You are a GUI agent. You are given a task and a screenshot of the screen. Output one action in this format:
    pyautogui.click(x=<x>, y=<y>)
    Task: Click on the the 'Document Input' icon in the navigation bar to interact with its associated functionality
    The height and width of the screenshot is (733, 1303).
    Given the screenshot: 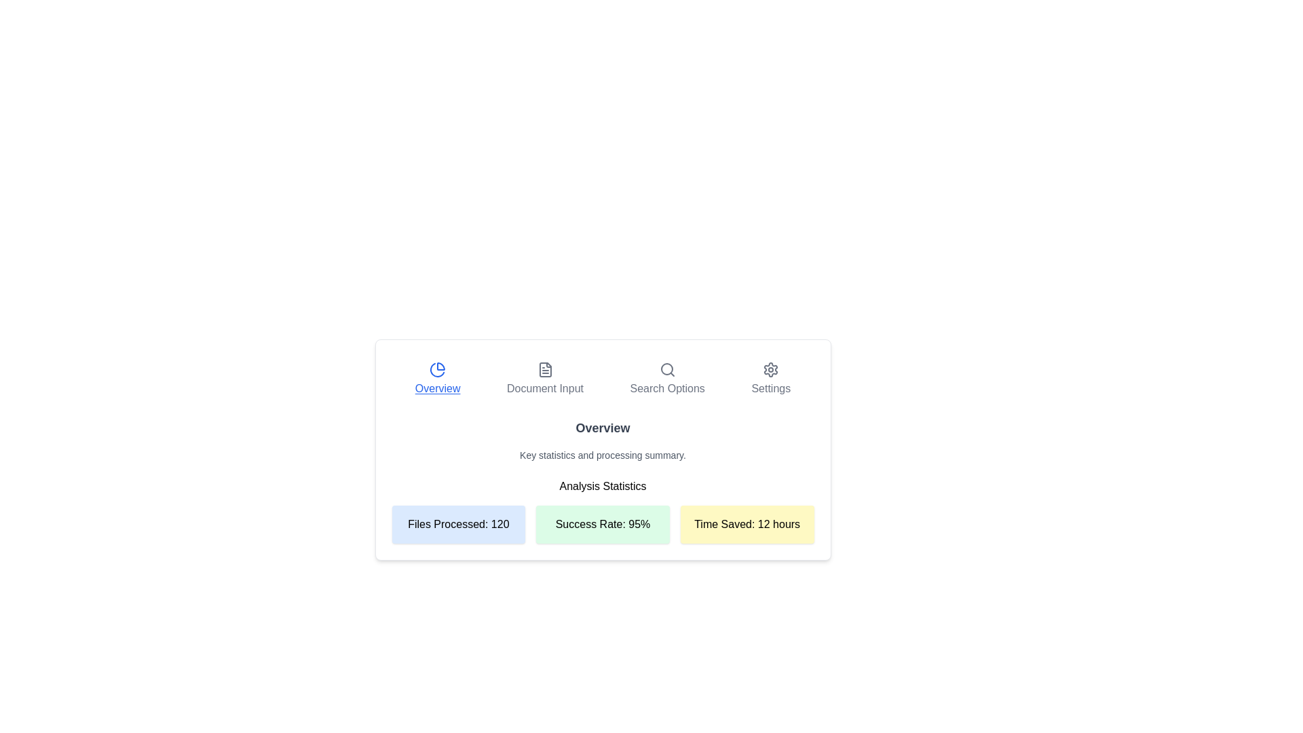 What is the action you would take?
    pyautogui.click(x=545, y=369)
    